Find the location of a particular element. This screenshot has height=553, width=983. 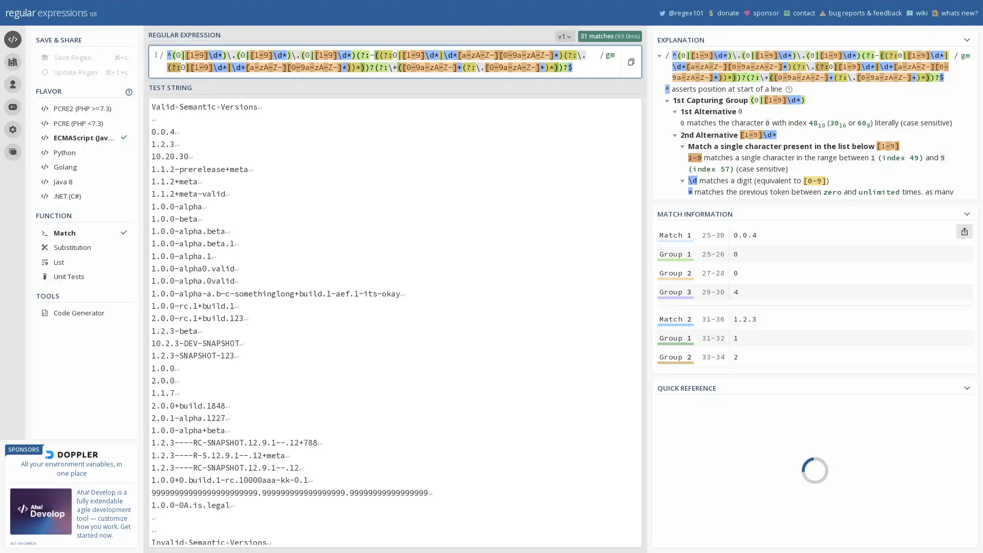

Java 8 is located at coordinates (84, 181).